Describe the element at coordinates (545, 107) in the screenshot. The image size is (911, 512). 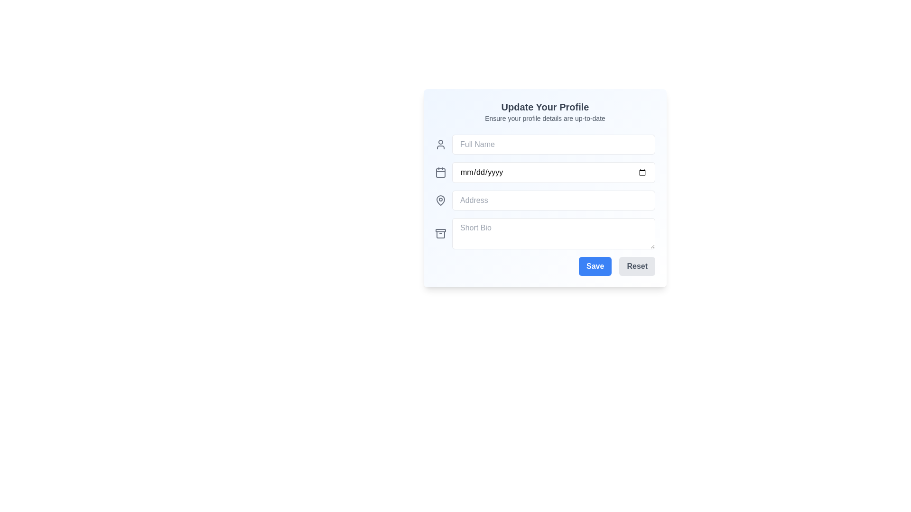
I see `the profile update form title text label, which indicates the purpose of the form for updating profile information` at that location.